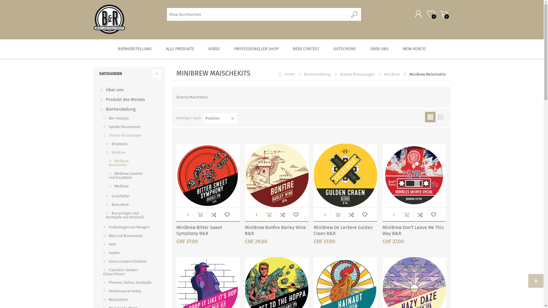  What do you see at coordinates (226, 48) in the screenshot?
I see `'PROFESSIONELLER SHOP'` at bounding box center [226, 48].